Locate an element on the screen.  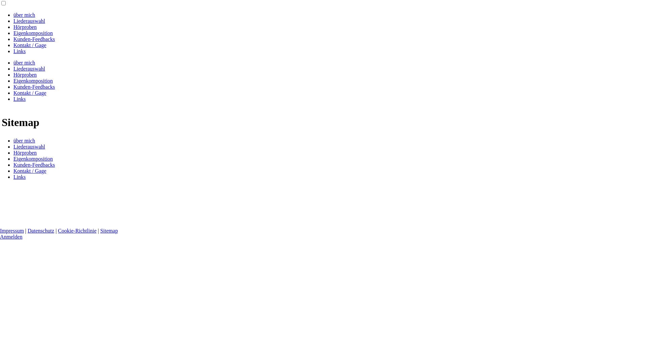
'Links' is located at coordinates (19, 99).